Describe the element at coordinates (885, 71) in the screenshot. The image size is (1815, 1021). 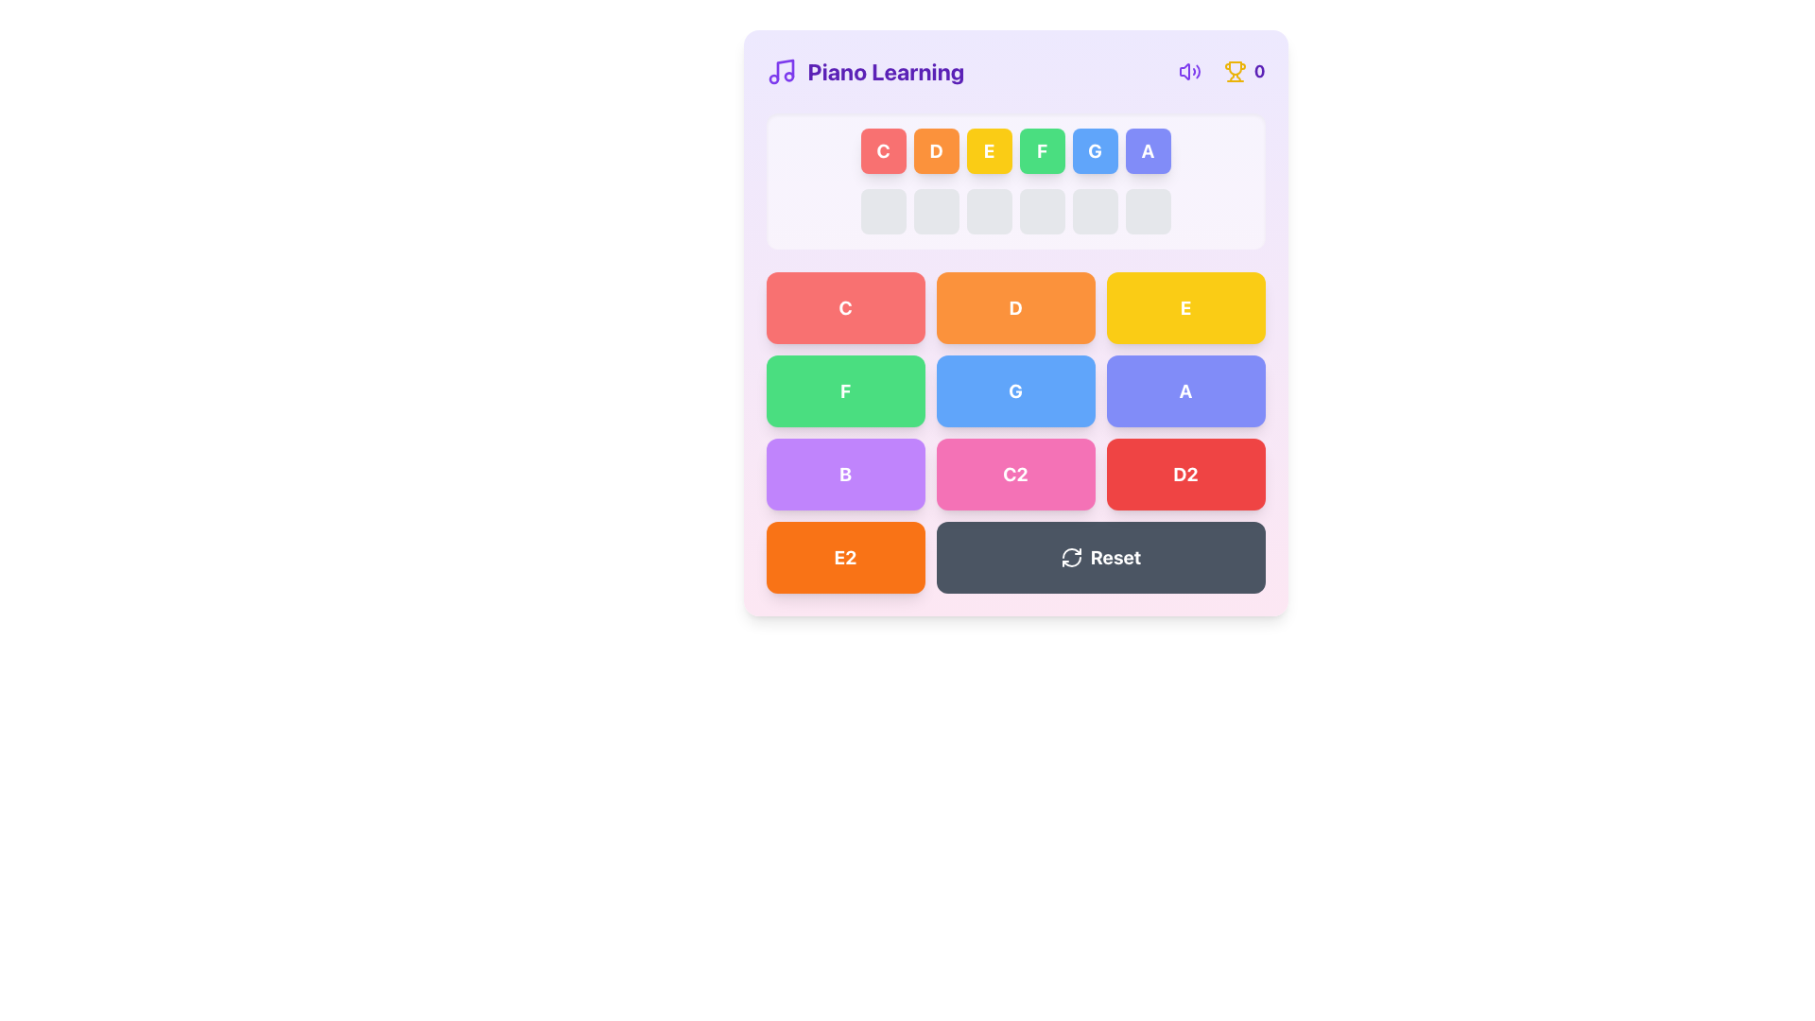
I see `the 'Piano Learning' text label, which is styled in bold and large-sized violet font, located towards the top-left corner of the interface` at that location.